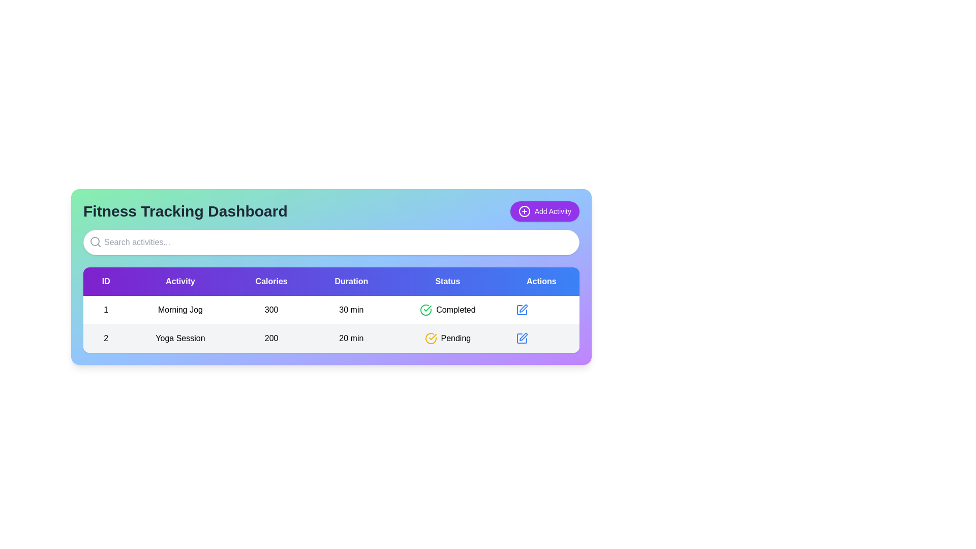 The image size is (976, 549). I want to click on the second table row containing data about the yoga session, which has a light gray background that changes to blue on hover, so click(331, 339).